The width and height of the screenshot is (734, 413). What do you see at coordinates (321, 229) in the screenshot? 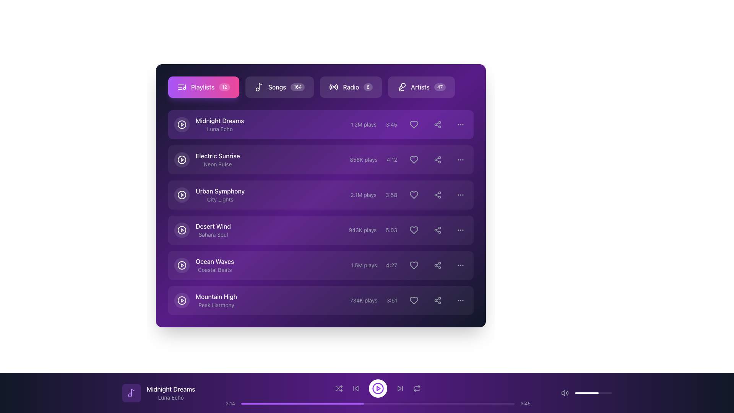
I see `the fourth media playlist item, which includes controls for playing and liking` at bounding box center [321, 229].